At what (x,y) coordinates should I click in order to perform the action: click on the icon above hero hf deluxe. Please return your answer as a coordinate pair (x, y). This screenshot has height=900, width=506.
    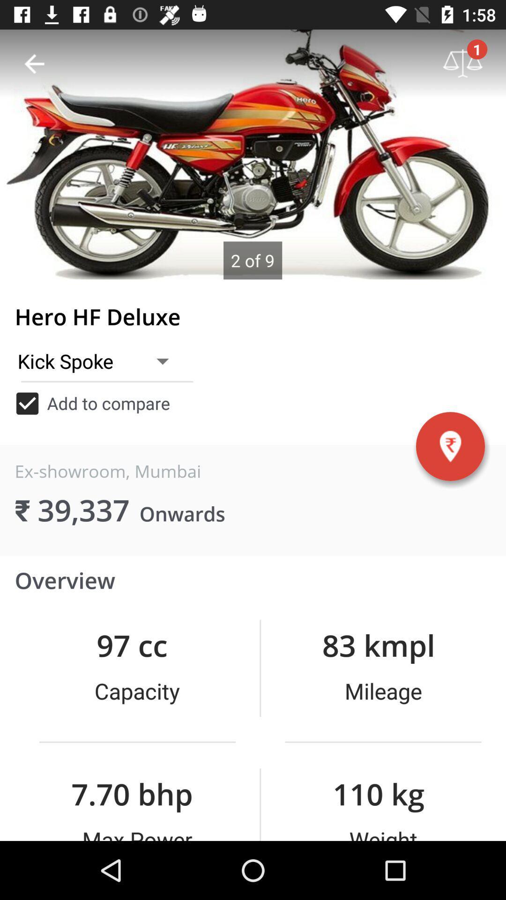
    Looking at the image, I should click on (34, 63).